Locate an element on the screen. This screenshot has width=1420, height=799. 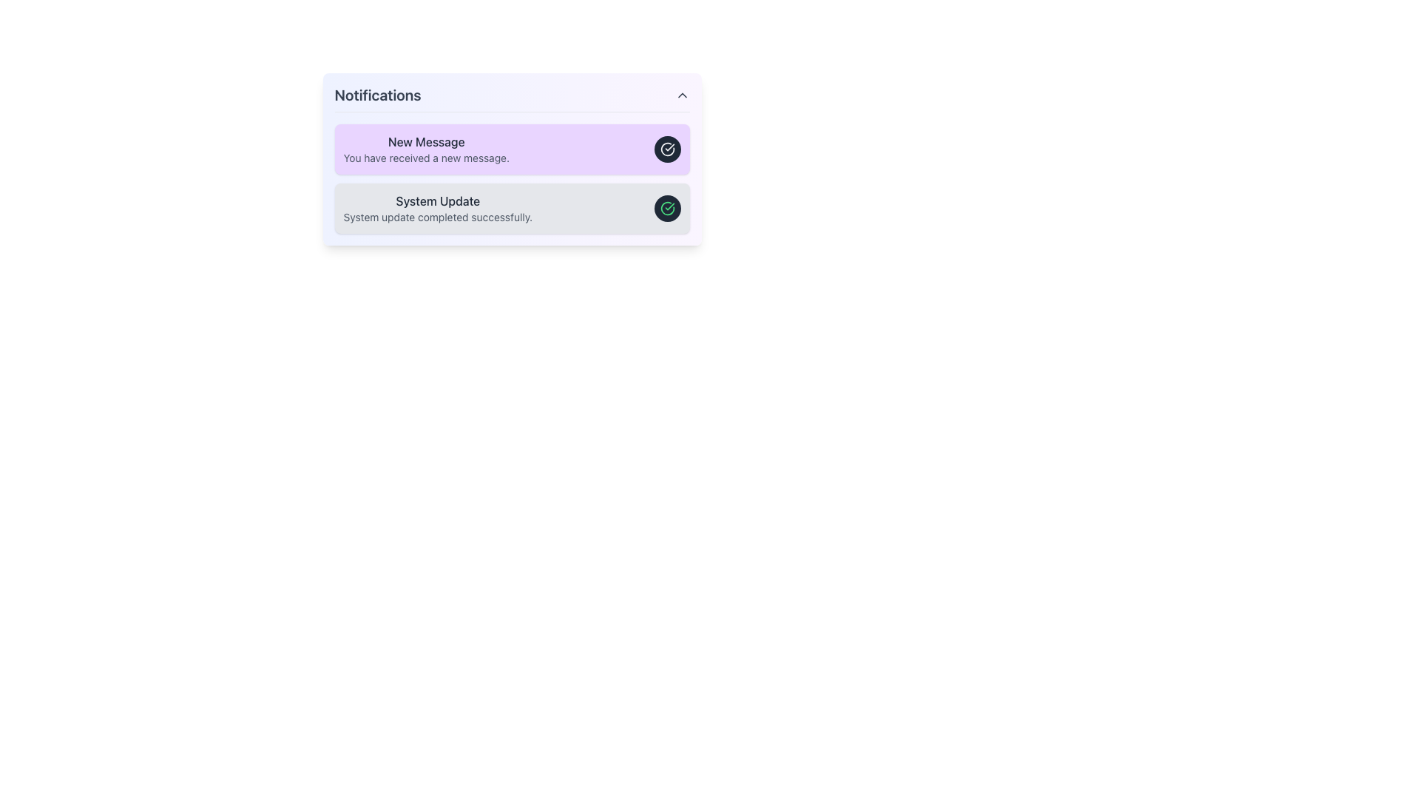
the state of the circular icon featuring a checkmark design, located in the bottom icon of the notification panel within a green circle, associated with the 'System Update' notification is located at coordinates (666, 149).